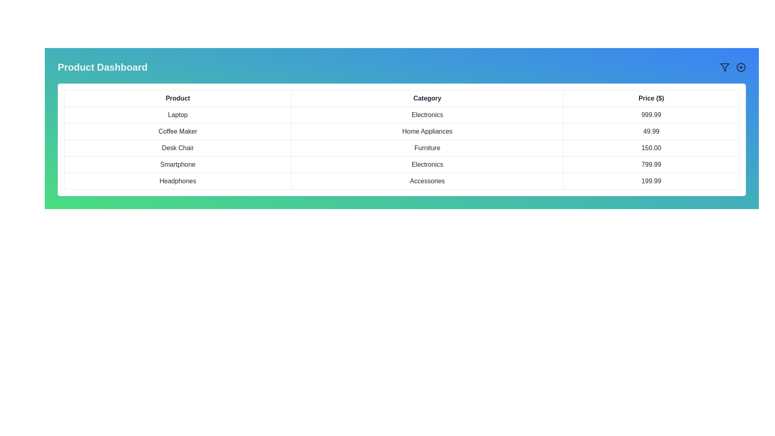 Image resolution: width=775 pixels, height=436 pixels. What do you see at coordinates (177, 115) in the screenshot?
I see `the static text label for the product name 'Laptop' located in the leftmost column of the table row` at bounding box center [177, 115].